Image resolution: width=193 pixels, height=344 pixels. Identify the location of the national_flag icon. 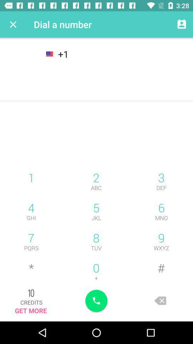
(49, 53).